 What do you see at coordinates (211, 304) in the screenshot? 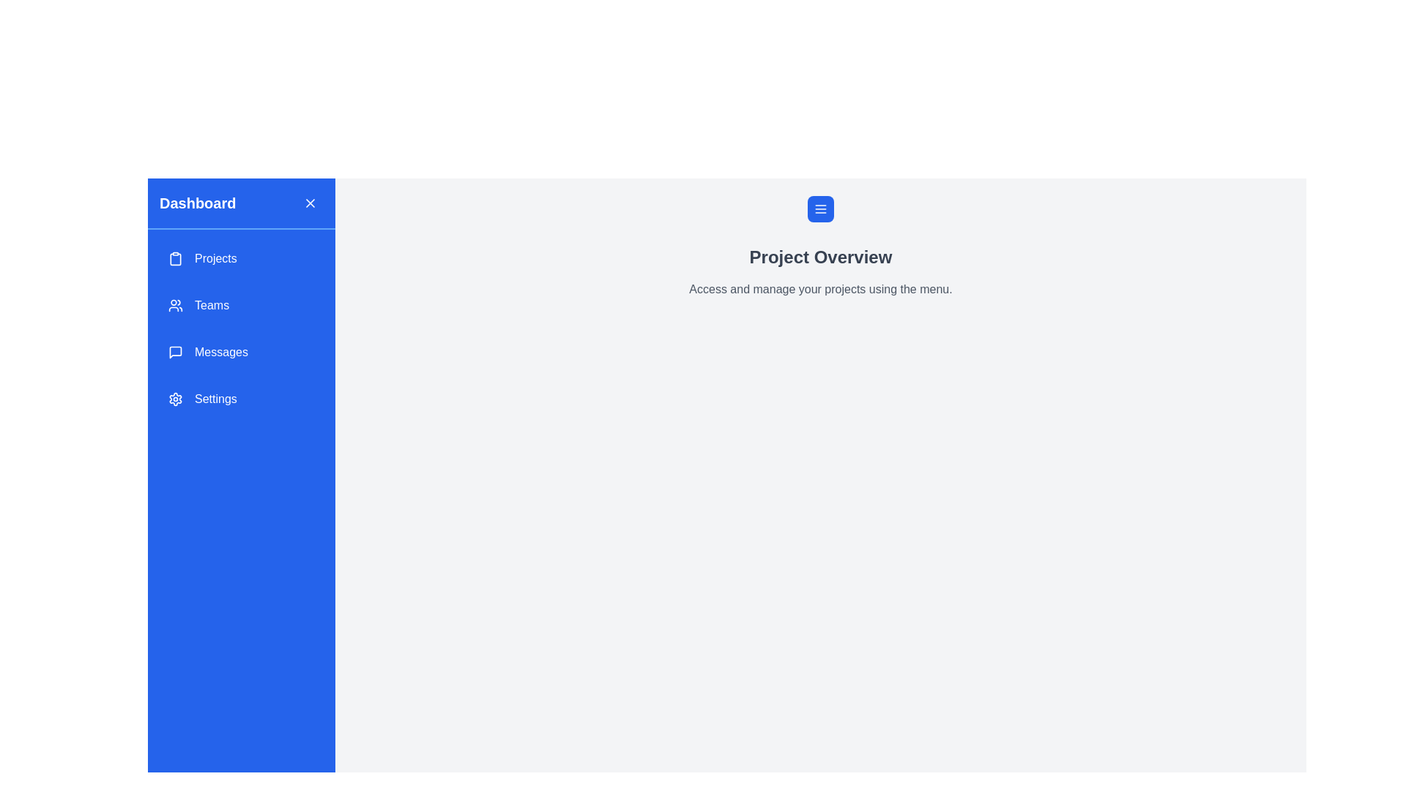
I see `the 'Teams' text label in the sidebar menu` at bounding box center [211, 304].